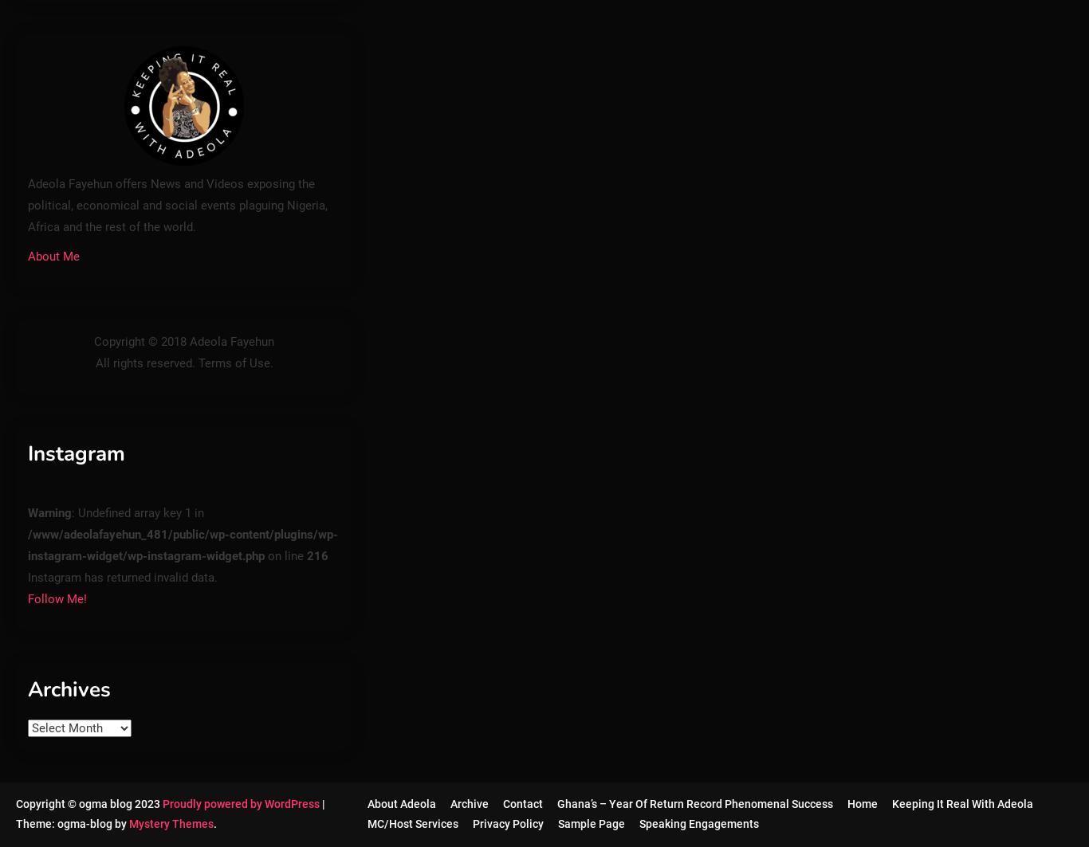 The image size is (1089, 847). What do you see at coordinates (53, 256) in the screenshot?
I see `'About Me'` at bounding box center [53, 256].